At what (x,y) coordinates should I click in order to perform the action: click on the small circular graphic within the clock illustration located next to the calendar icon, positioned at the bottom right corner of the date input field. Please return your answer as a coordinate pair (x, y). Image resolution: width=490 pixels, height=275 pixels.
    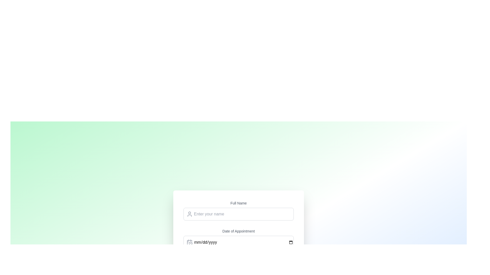
    Looking at the image, I should click on (190, 243).